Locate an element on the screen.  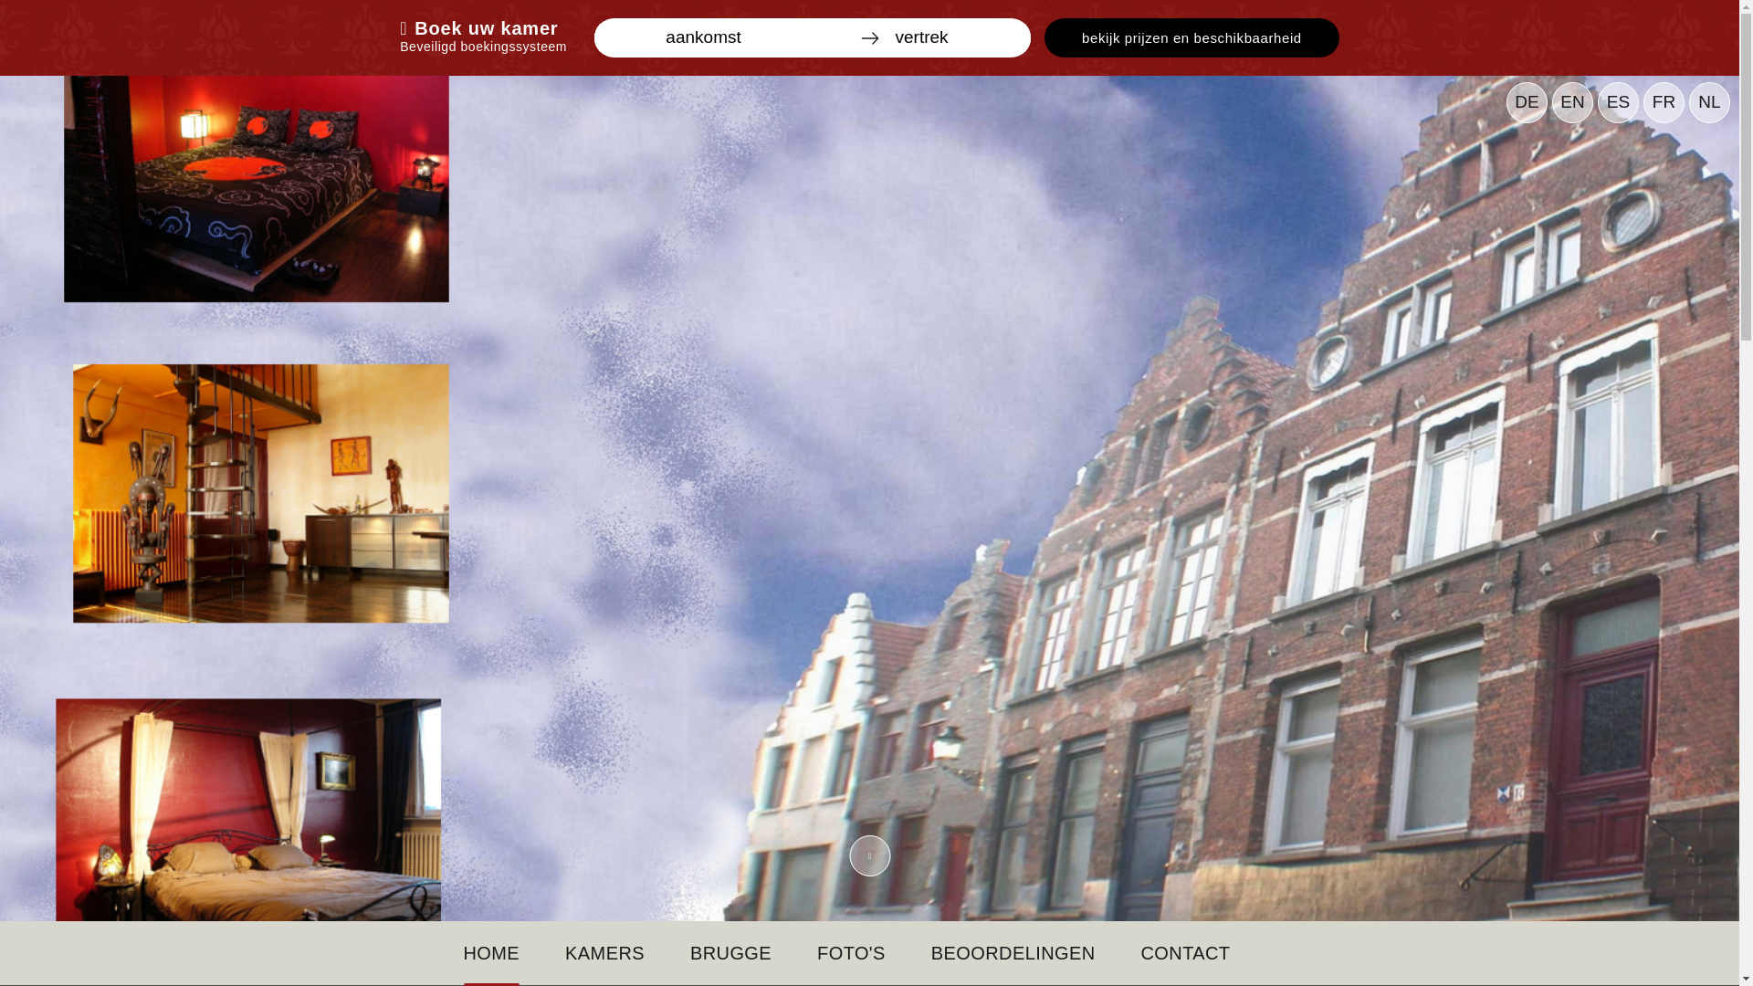
'CONTACT' is located at coordinates (1139, 952).